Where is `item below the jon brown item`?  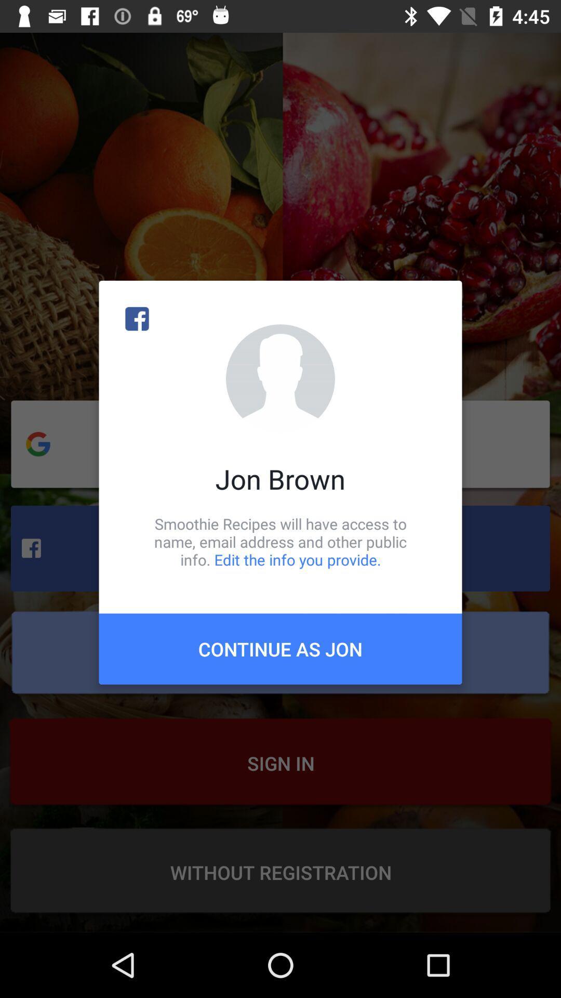 item below the jon brown item is located at coordinates (280, 541).